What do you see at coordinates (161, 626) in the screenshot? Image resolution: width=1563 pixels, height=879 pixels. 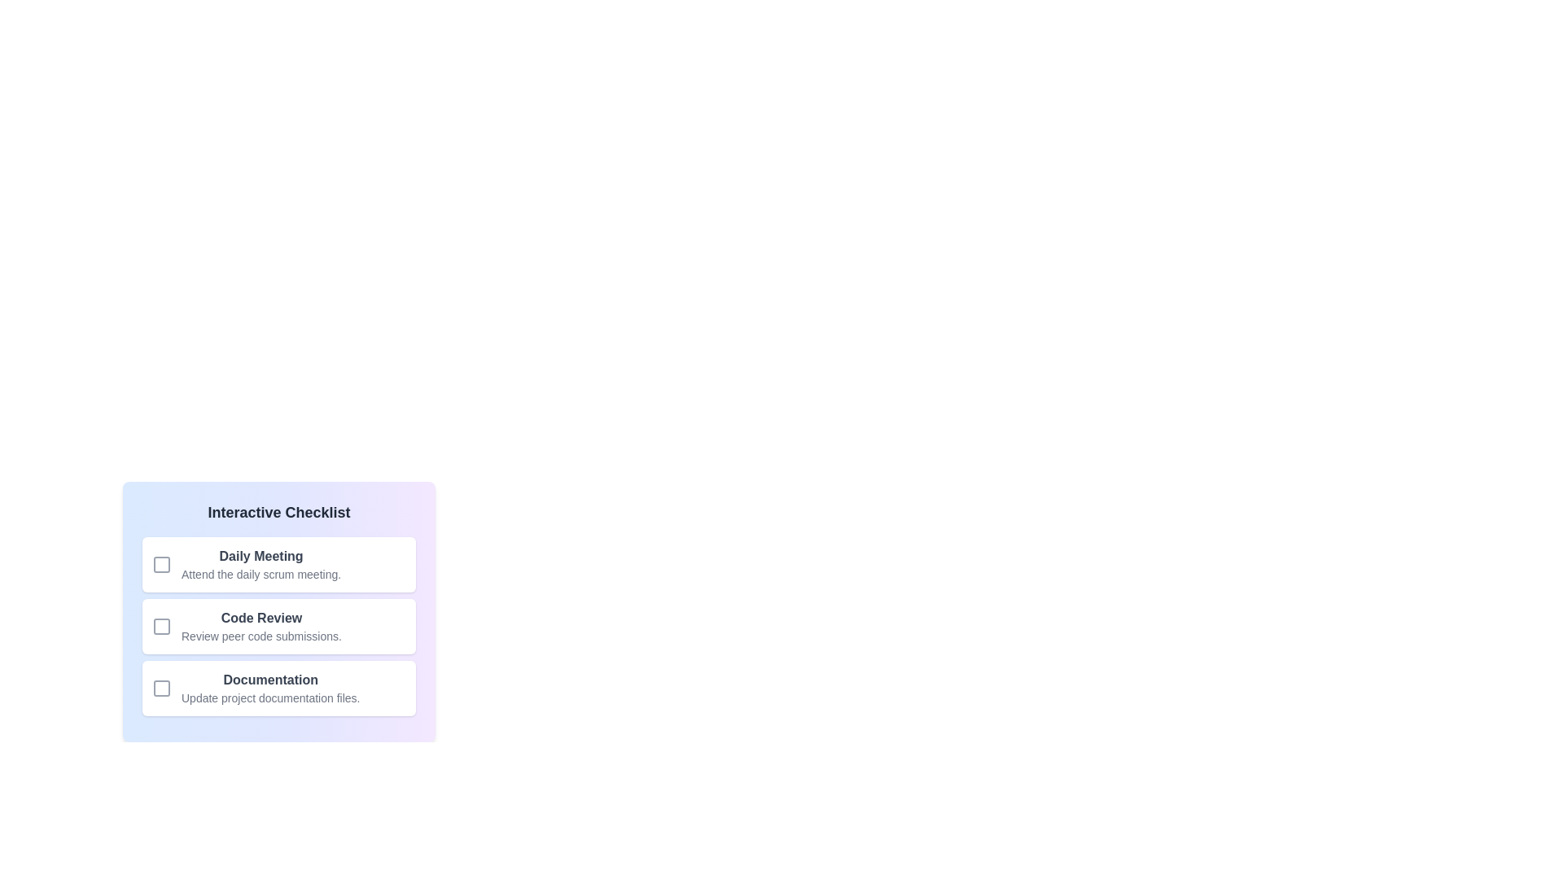 I see `the checkbox for the 'Code Review' task` at bounding box center [161, 626].